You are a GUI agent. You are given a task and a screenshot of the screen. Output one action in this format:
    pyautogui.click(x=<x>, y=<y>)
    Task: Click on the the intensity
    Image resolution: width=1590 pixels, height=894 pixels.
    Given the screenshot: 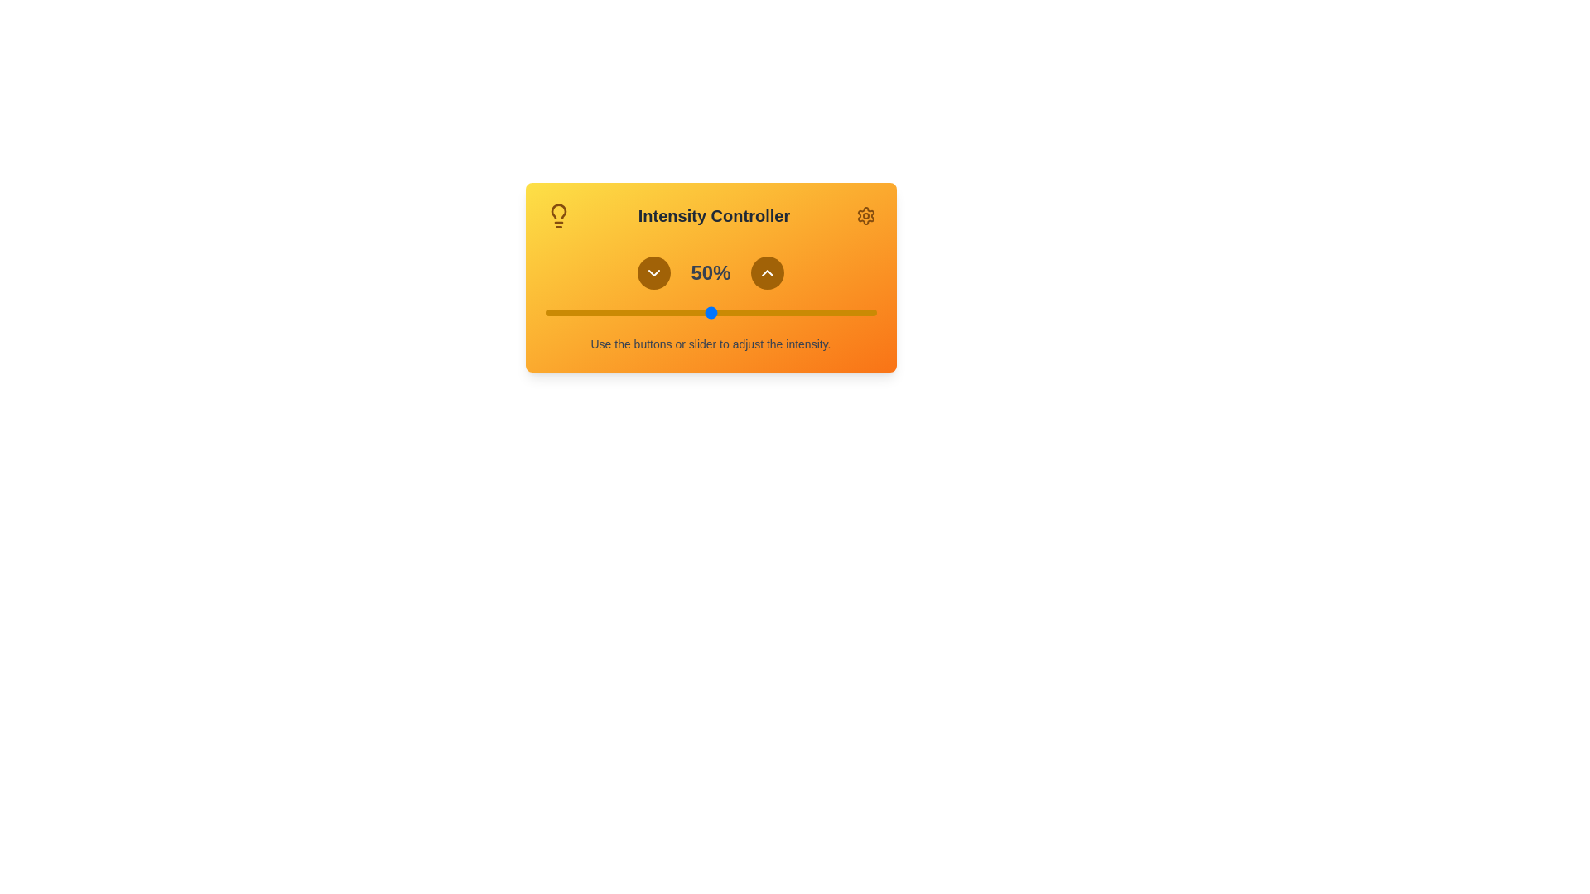 What is the action you would take?
    pyautogui.click(x=694, y=313)
    